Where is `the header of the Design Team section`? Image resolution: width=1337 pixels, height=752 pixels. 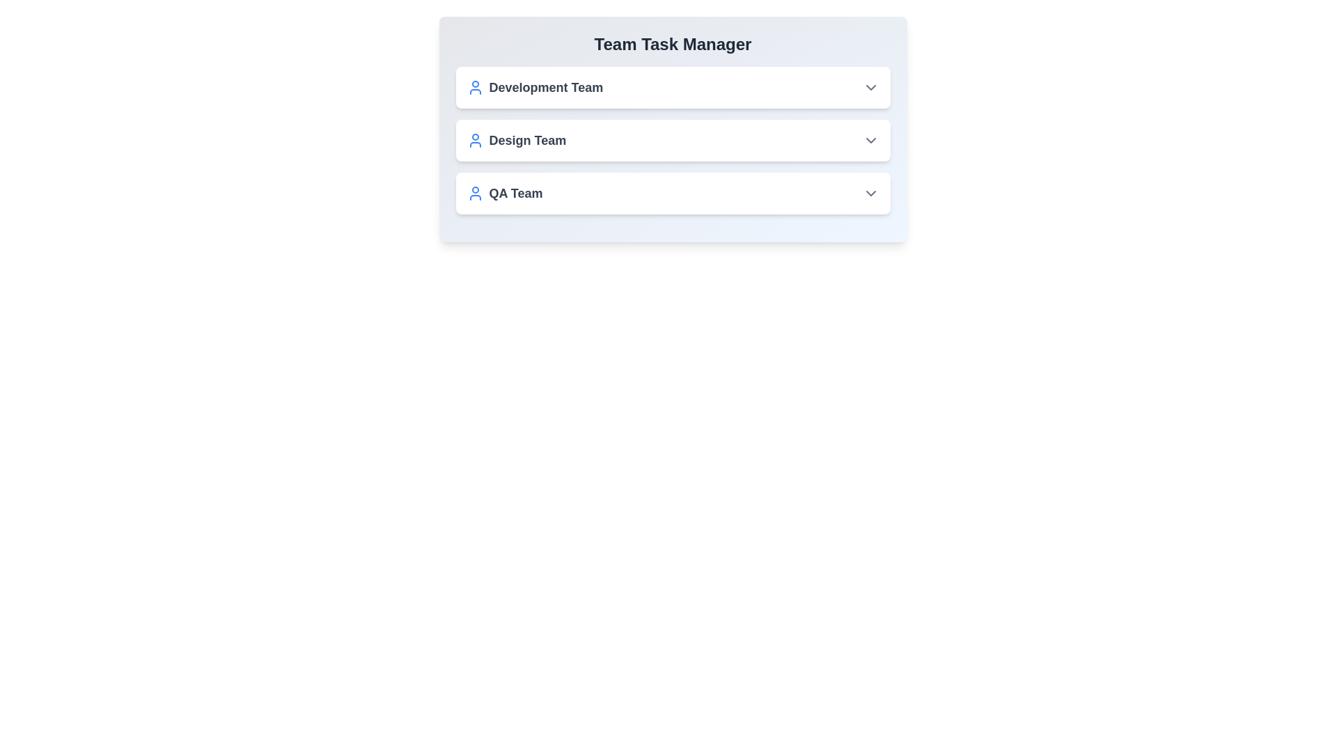 the header of the Design Team section is located at coordinates (673, 140).